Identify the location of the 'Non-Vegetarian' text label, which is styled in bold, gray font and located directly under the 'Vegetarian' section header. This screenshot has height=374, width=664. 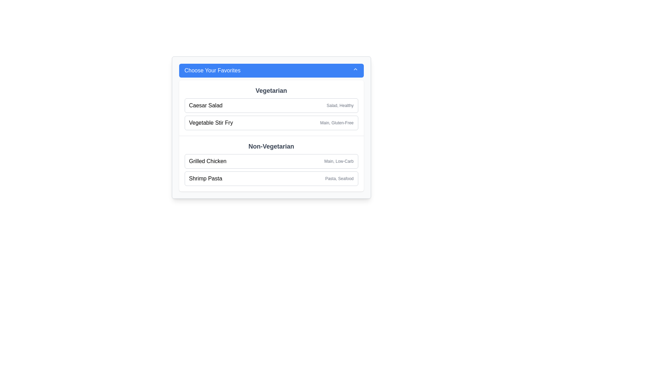
(271, 146).